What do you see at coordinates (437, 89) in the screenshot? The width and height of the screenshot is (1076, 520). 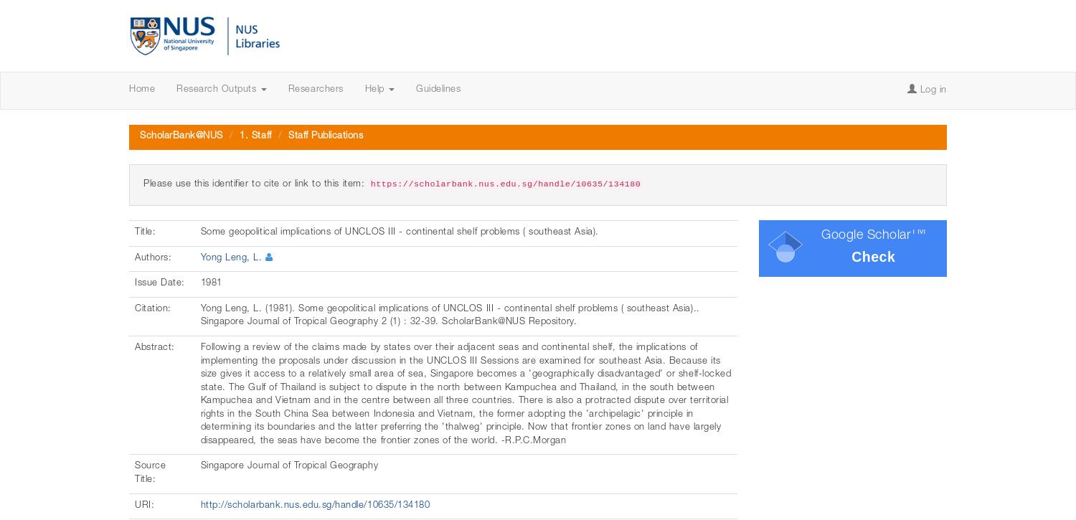 I see `'Guidelines'` at bounding box center [437, 89].